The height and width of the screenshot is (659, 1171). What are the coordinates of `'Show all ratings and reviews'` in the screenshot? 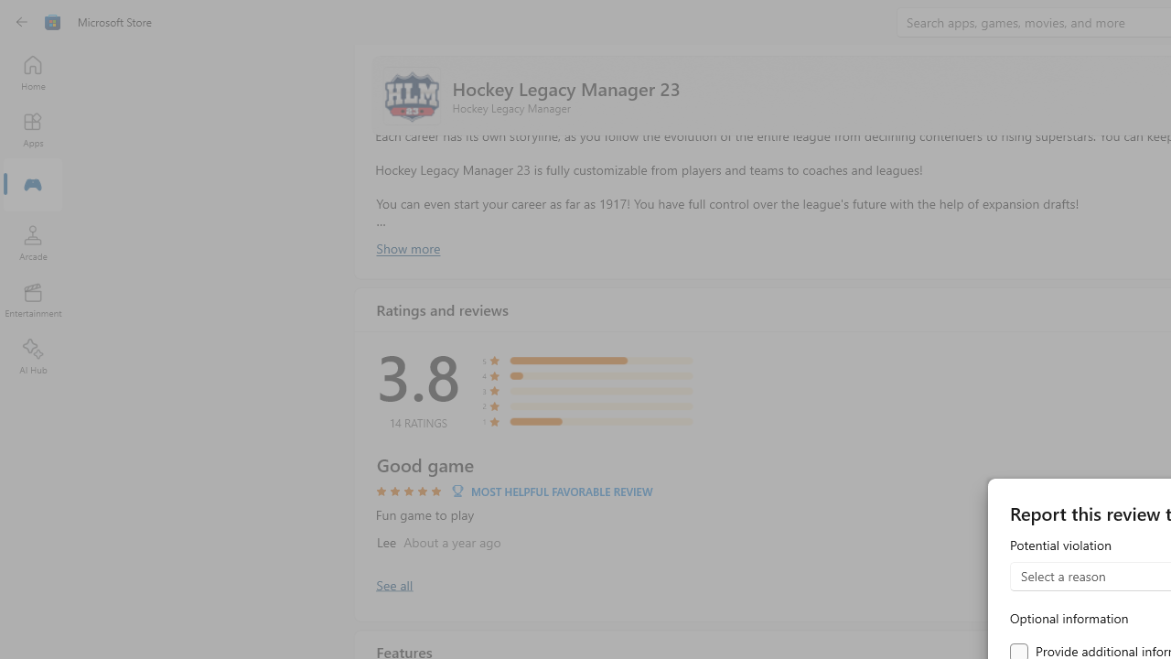 It's located at (392, 584).